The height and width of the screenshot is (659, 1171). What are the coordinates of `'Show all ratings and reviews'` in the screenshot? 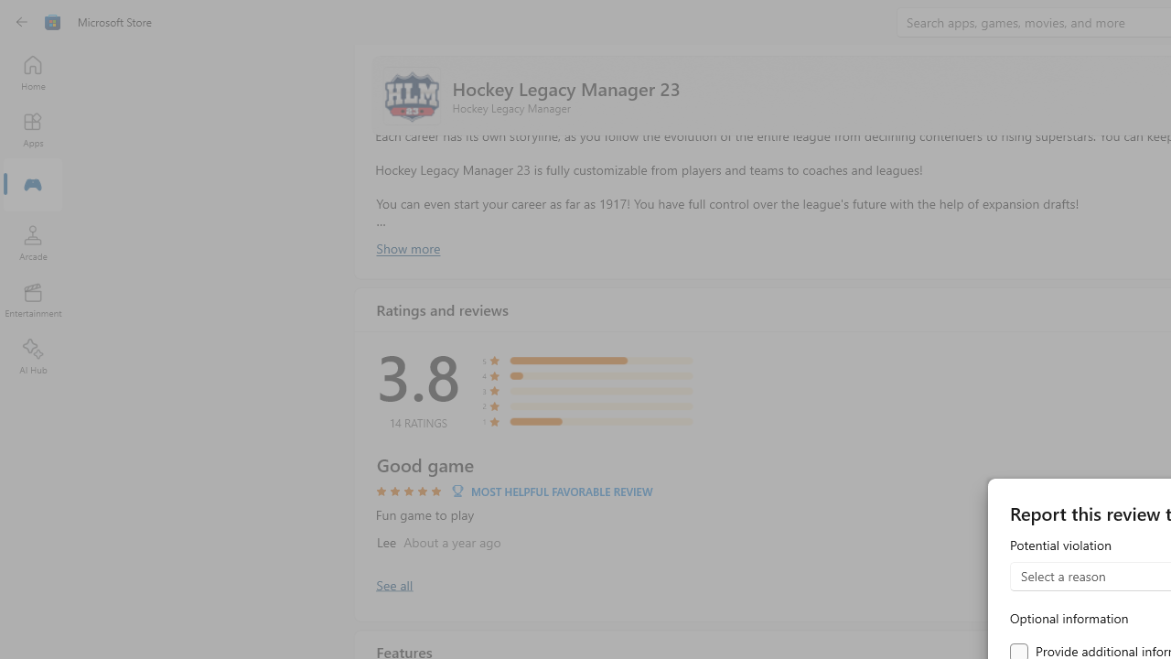 It's located at (392, 584).